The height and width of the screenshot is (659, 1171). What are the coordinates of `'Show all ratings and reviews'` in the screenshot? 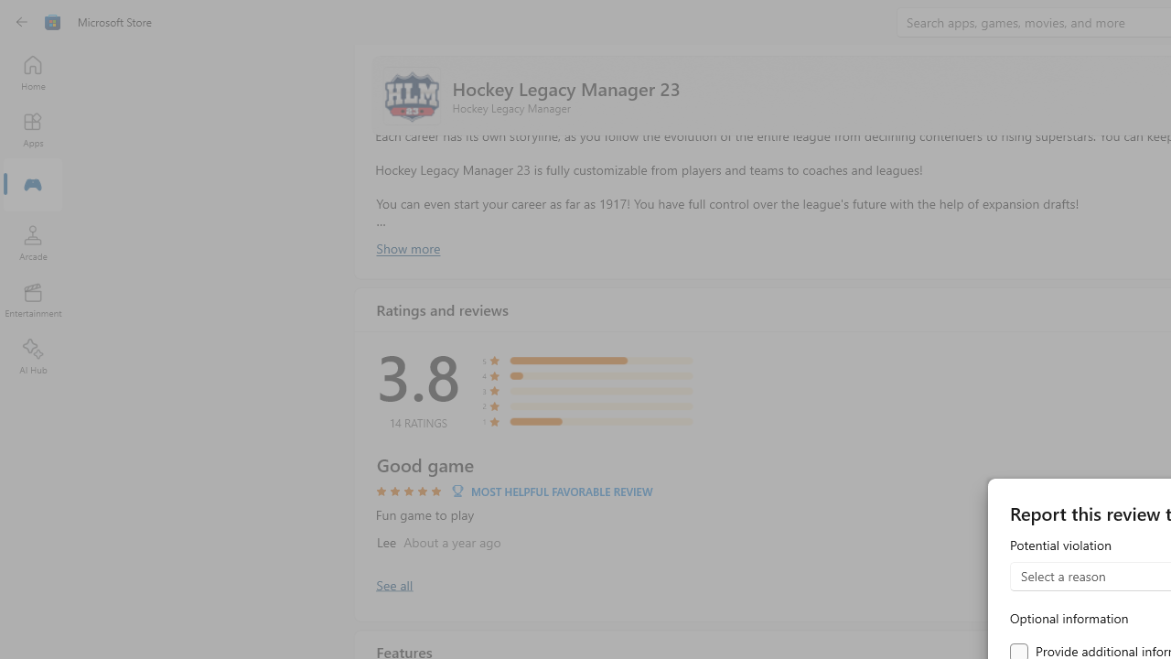 It's located at (392, 584).